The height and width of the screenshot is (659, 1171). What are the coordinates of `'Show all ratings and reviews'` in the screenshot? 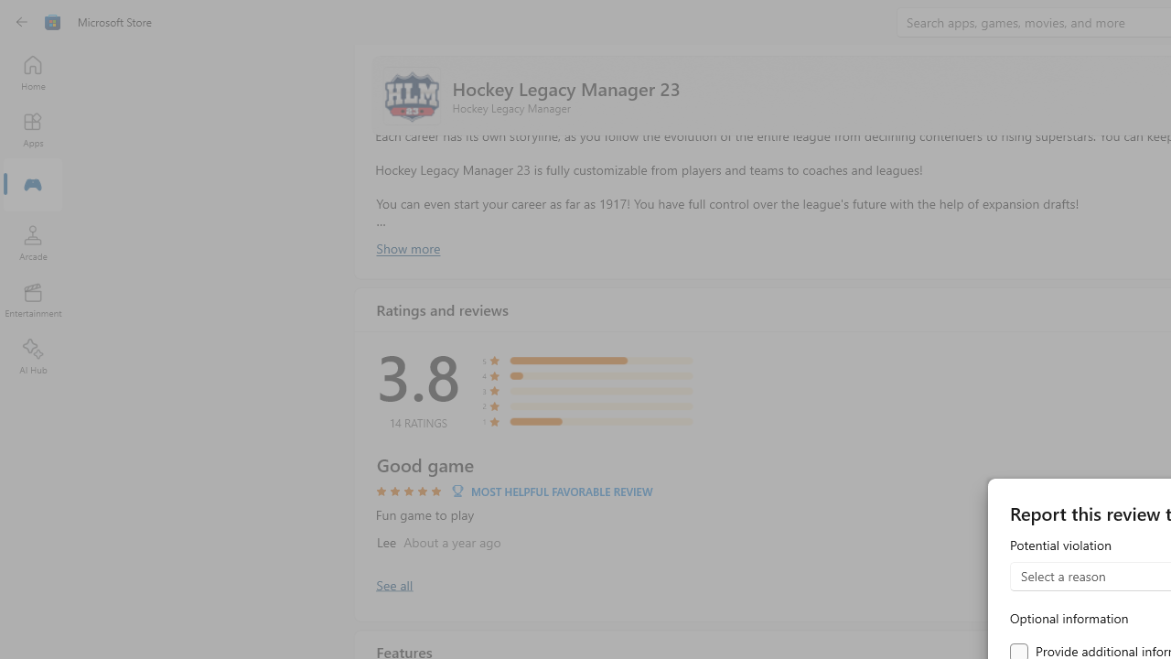 It's located at (392, 584).